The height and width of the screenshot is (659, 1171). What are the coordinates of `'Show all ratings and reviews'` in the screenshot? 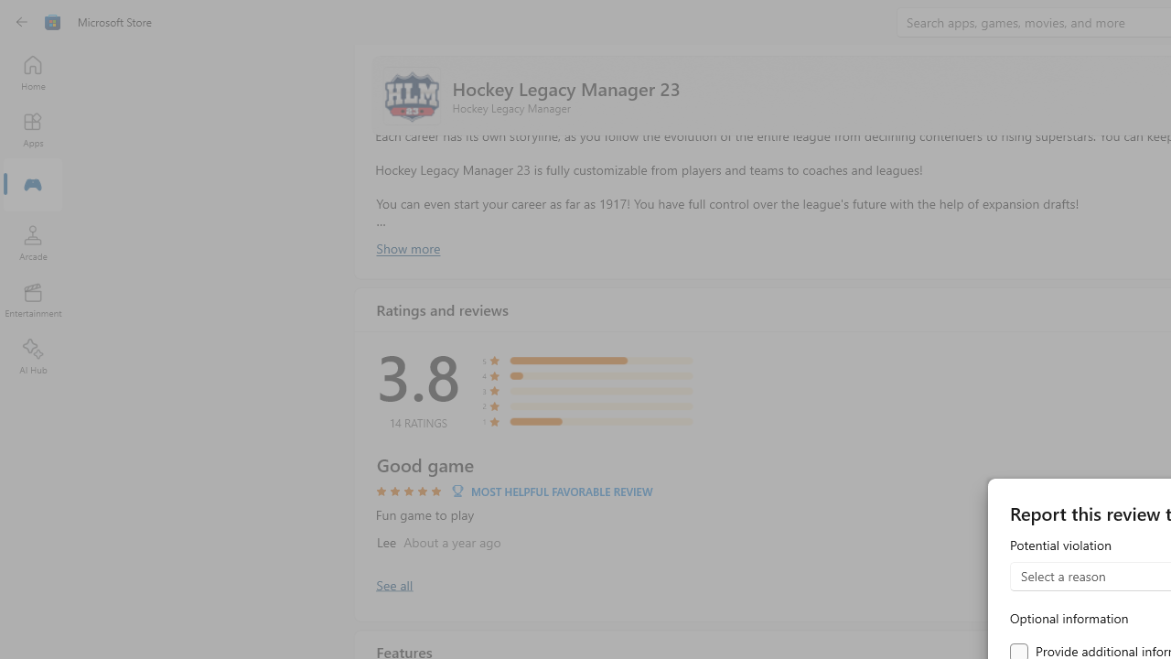 It's located at (392, 584).